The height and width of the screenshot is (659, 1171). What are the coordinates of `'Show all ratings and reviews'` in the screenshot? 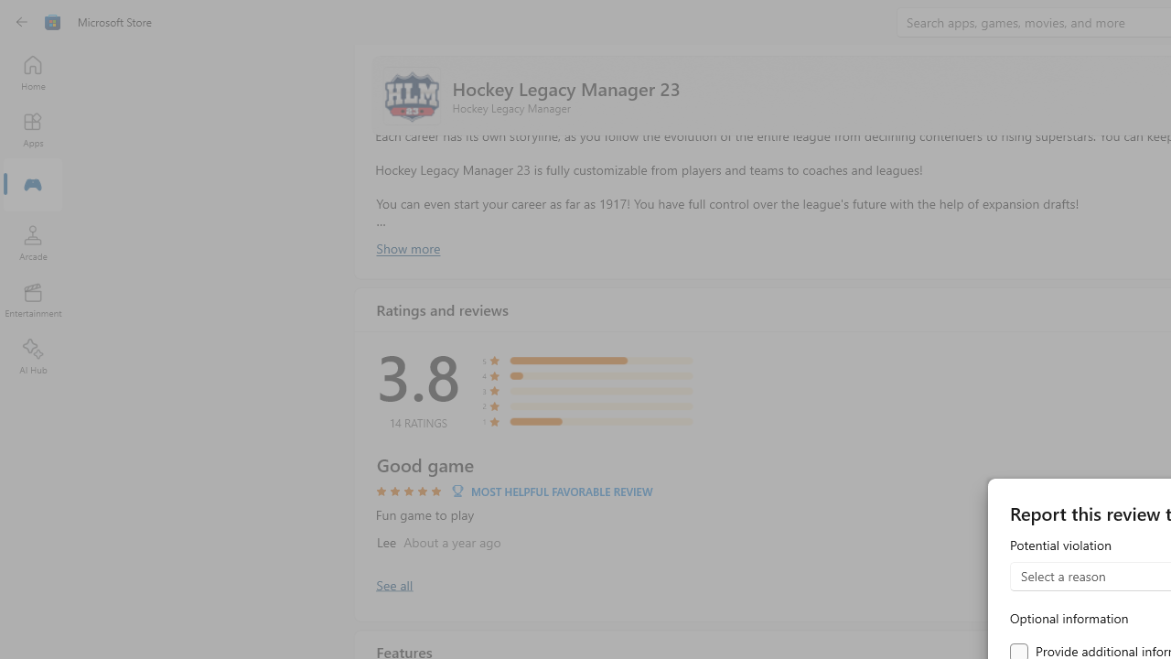 It's located at (392, 584).